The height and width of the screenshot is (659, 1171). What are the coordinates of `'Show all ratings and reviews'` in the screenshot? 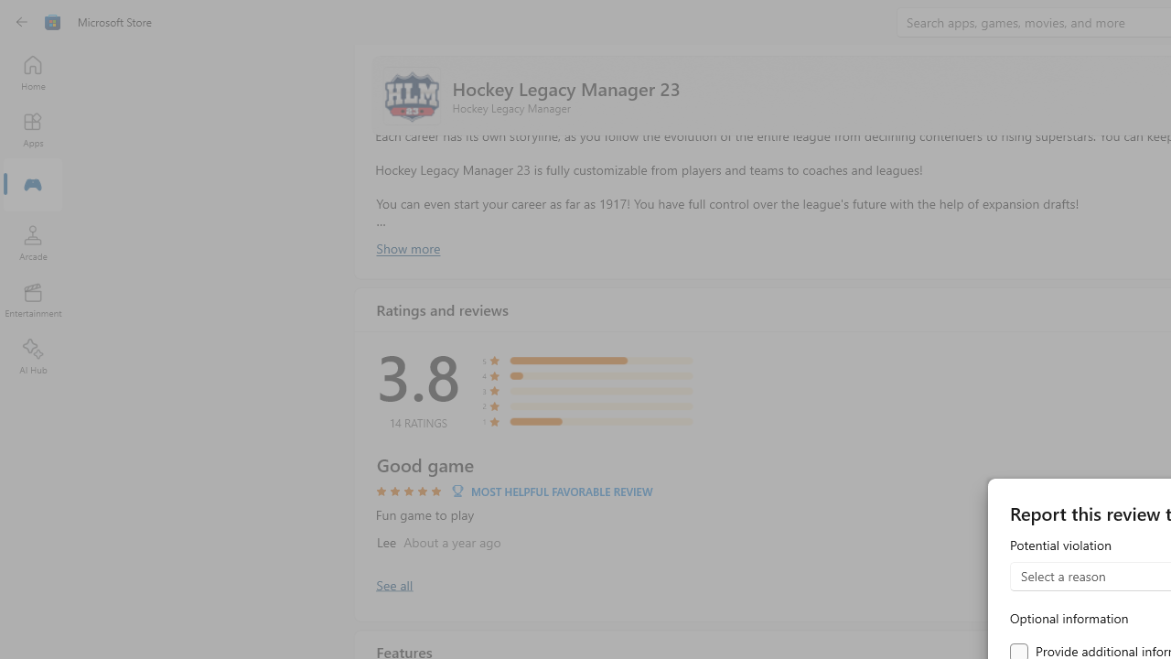 It's located at (392, 584).